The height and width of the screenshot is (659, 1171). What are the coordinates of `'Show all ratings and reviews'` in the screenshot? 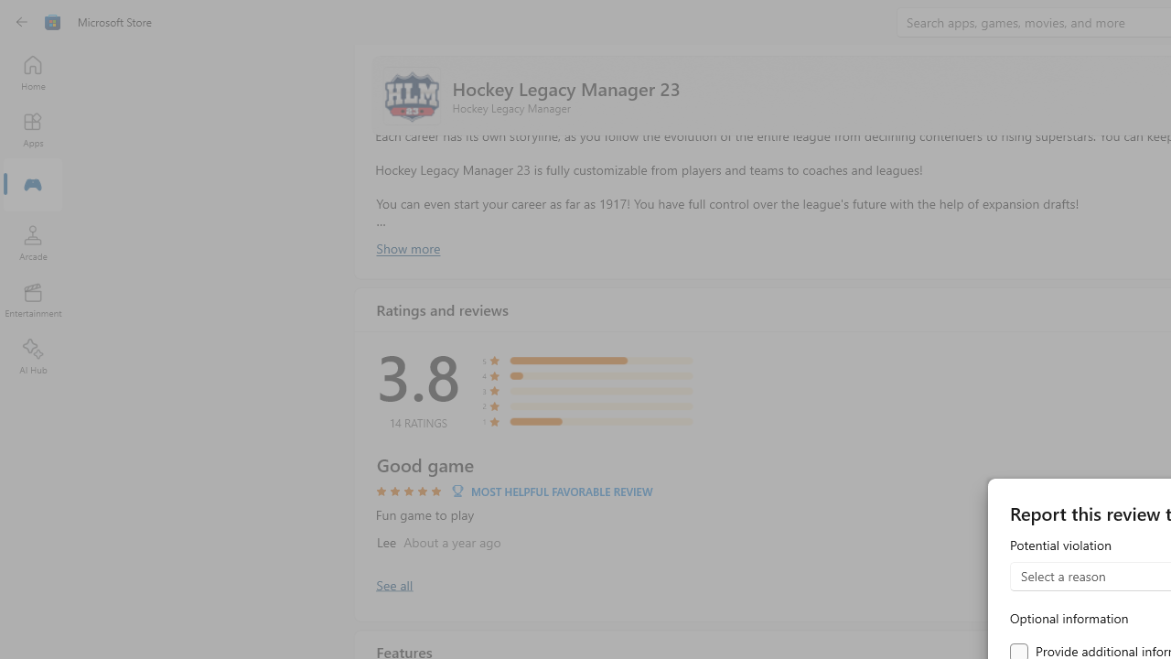 It's located at (392, 584).